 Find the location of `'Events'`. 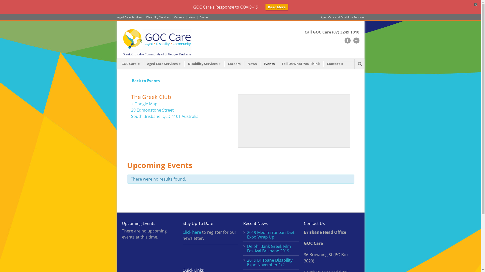

'Events' is located at coordinates (203, 17).